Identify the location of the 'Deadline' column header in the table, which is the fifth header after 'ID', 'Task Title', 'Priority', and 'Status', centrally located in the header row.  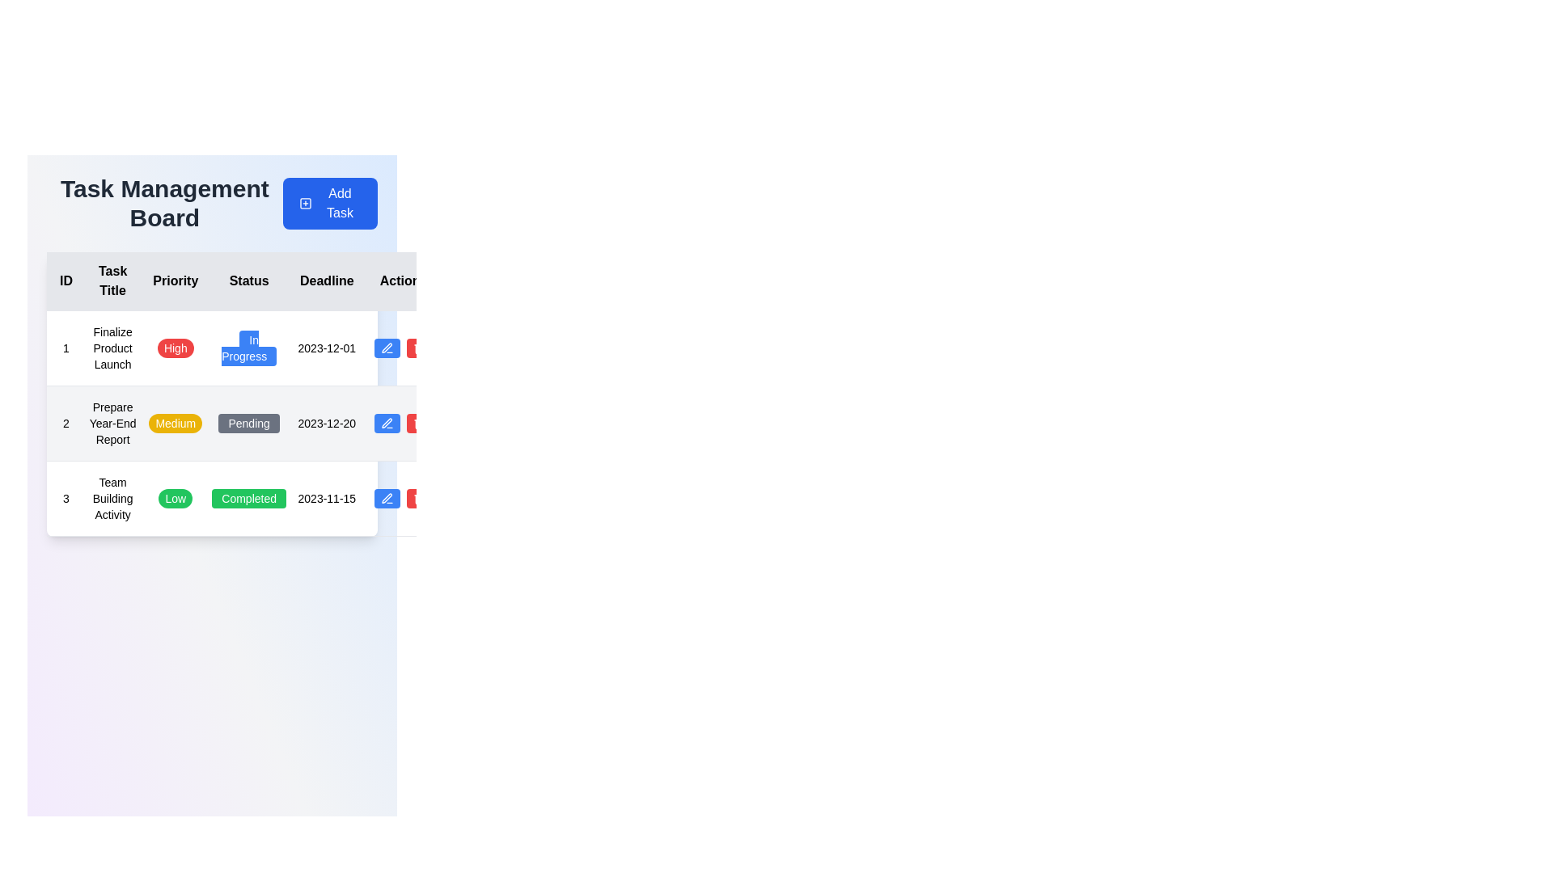
(326, 280).